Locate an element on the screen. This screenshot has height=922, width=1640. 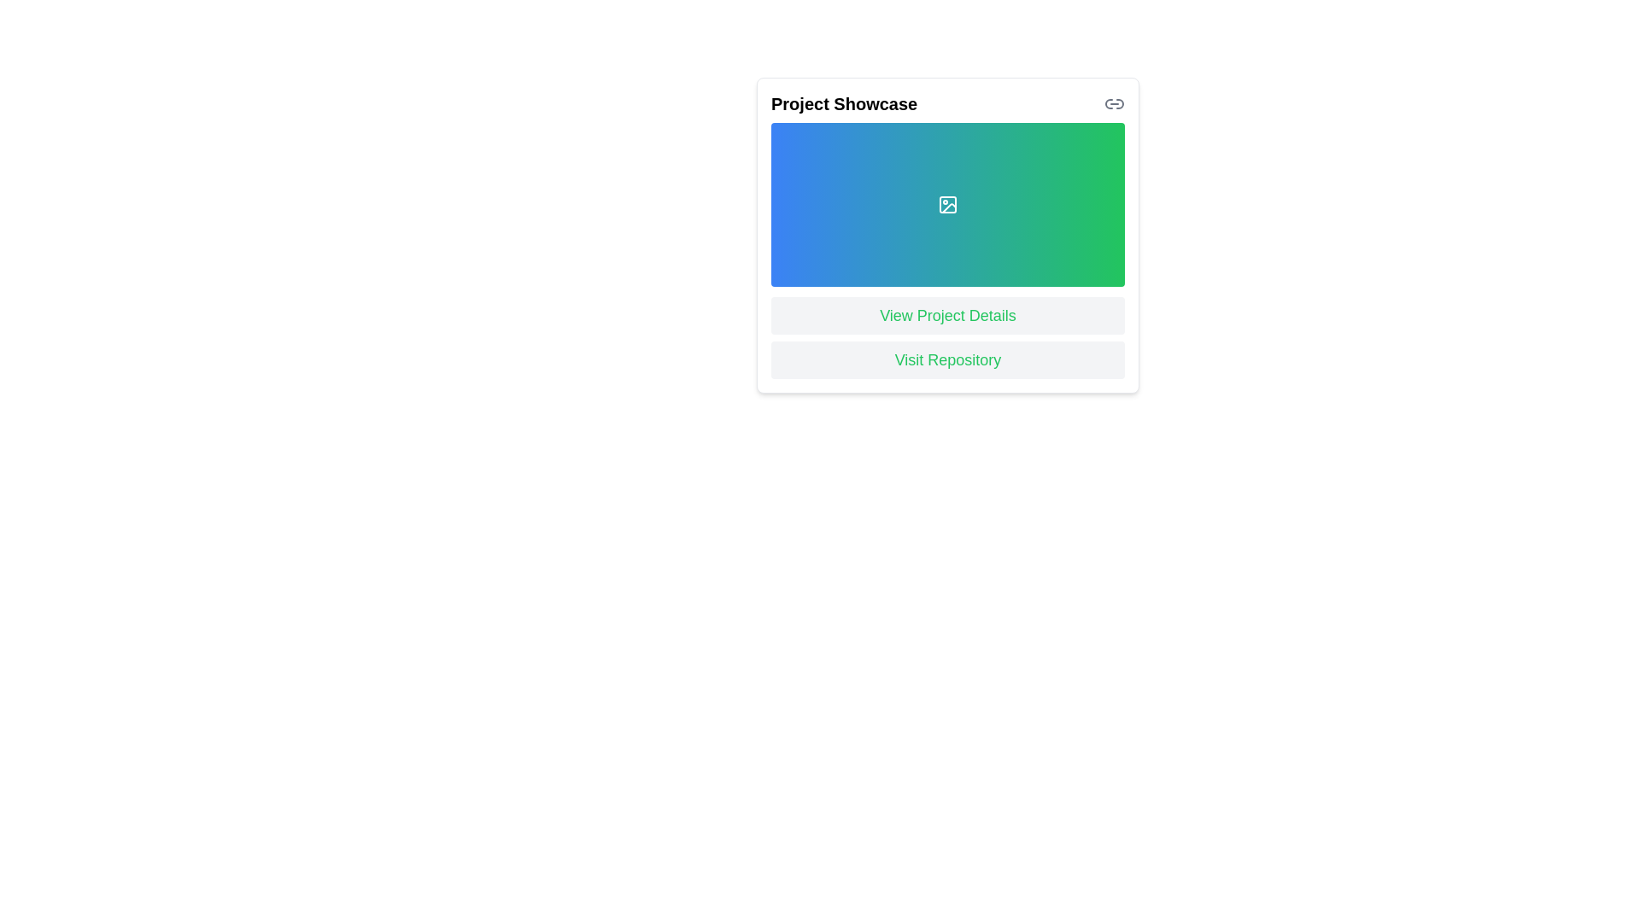
the icon located at the top-right corner of the 'Project Showcase' section header is located at coordinates (1115, 104).